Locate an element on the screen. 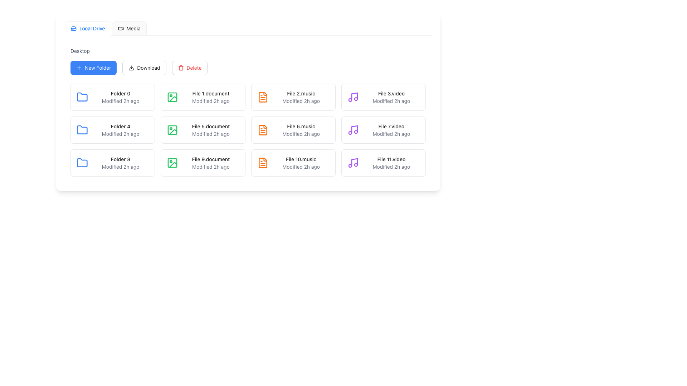  the clickable folder item named 'Folder 4', which is the first item in the second row of the grid layout is located at coordinates (112, 130).